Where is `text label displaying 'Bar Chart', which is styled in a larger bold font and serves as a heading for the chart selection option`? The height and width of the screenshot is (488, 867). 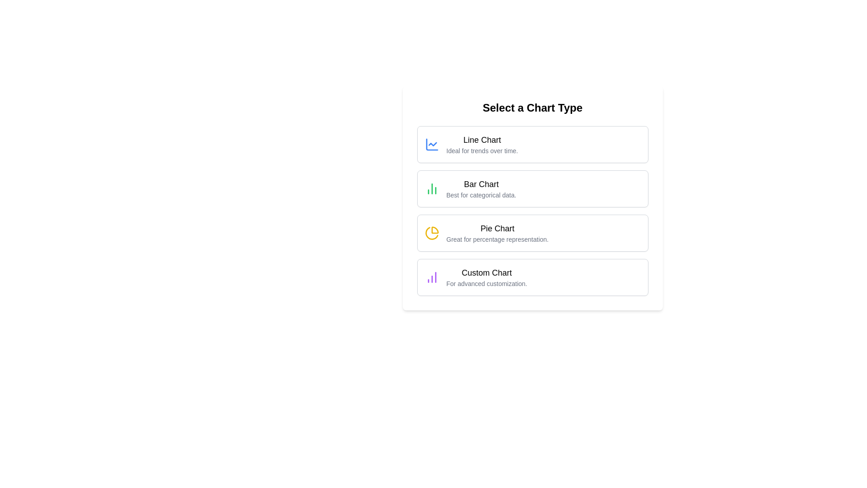 text label displaying 'Bar Chart', which is styled in a larger bold font and serves as a heading for the chart selection option is located at coordinates (480, 184).